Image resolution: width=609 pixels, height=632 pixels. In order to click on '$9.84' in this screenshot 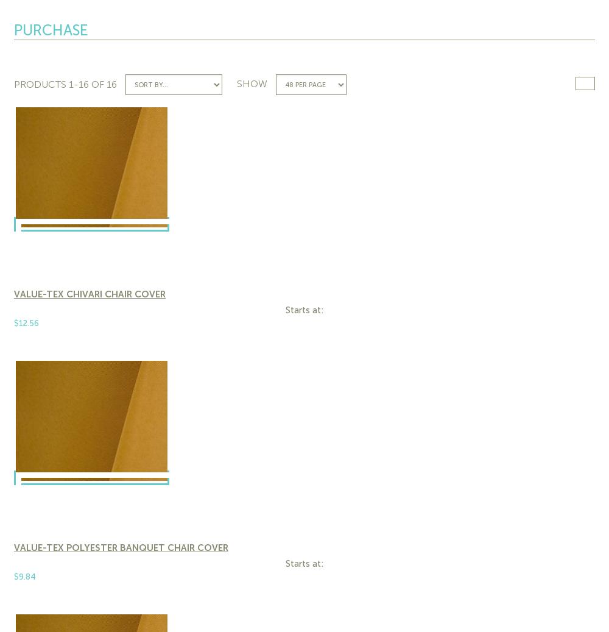, I will do `click(25, 577)`.